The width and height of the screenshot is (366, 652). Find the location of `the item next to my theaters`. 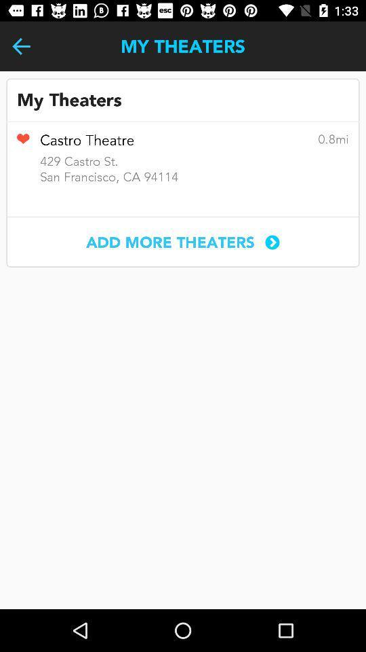

the item next to my theaters is located at coordinates (20, 46).